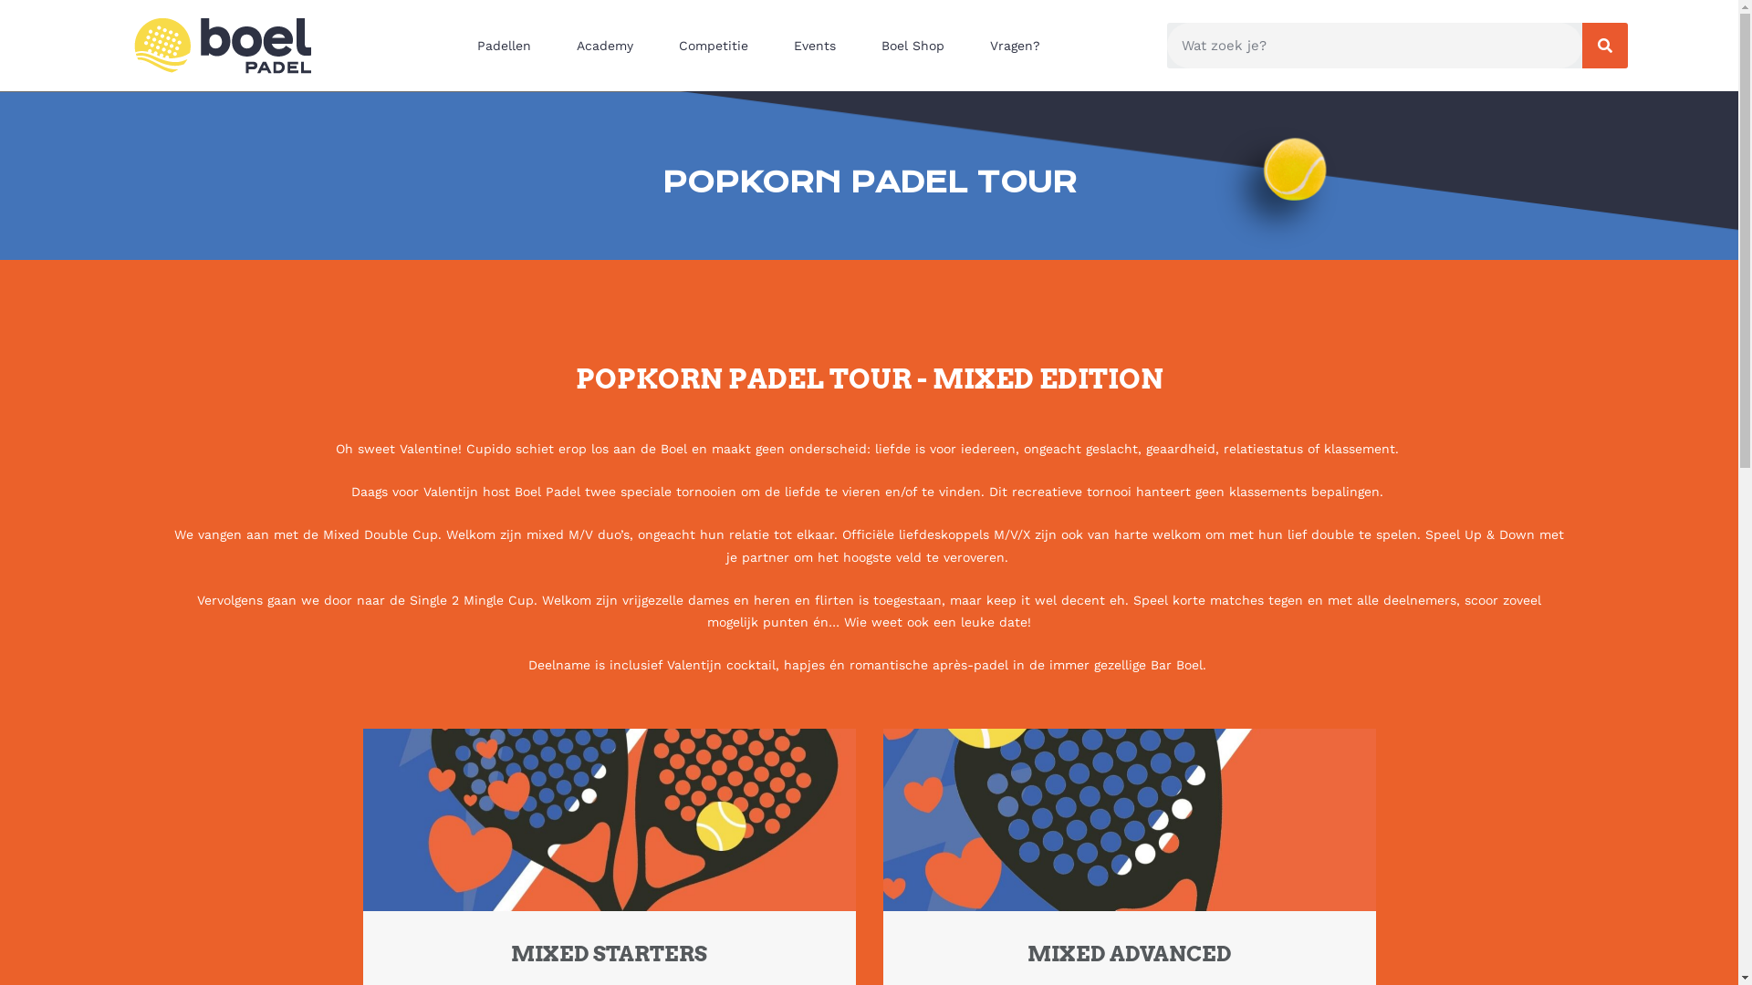 The image size is (1752, 985). What do you see at coordinates (818, 45) in the screenshot?
I see `'Events'` at bounding box center [818, 45].